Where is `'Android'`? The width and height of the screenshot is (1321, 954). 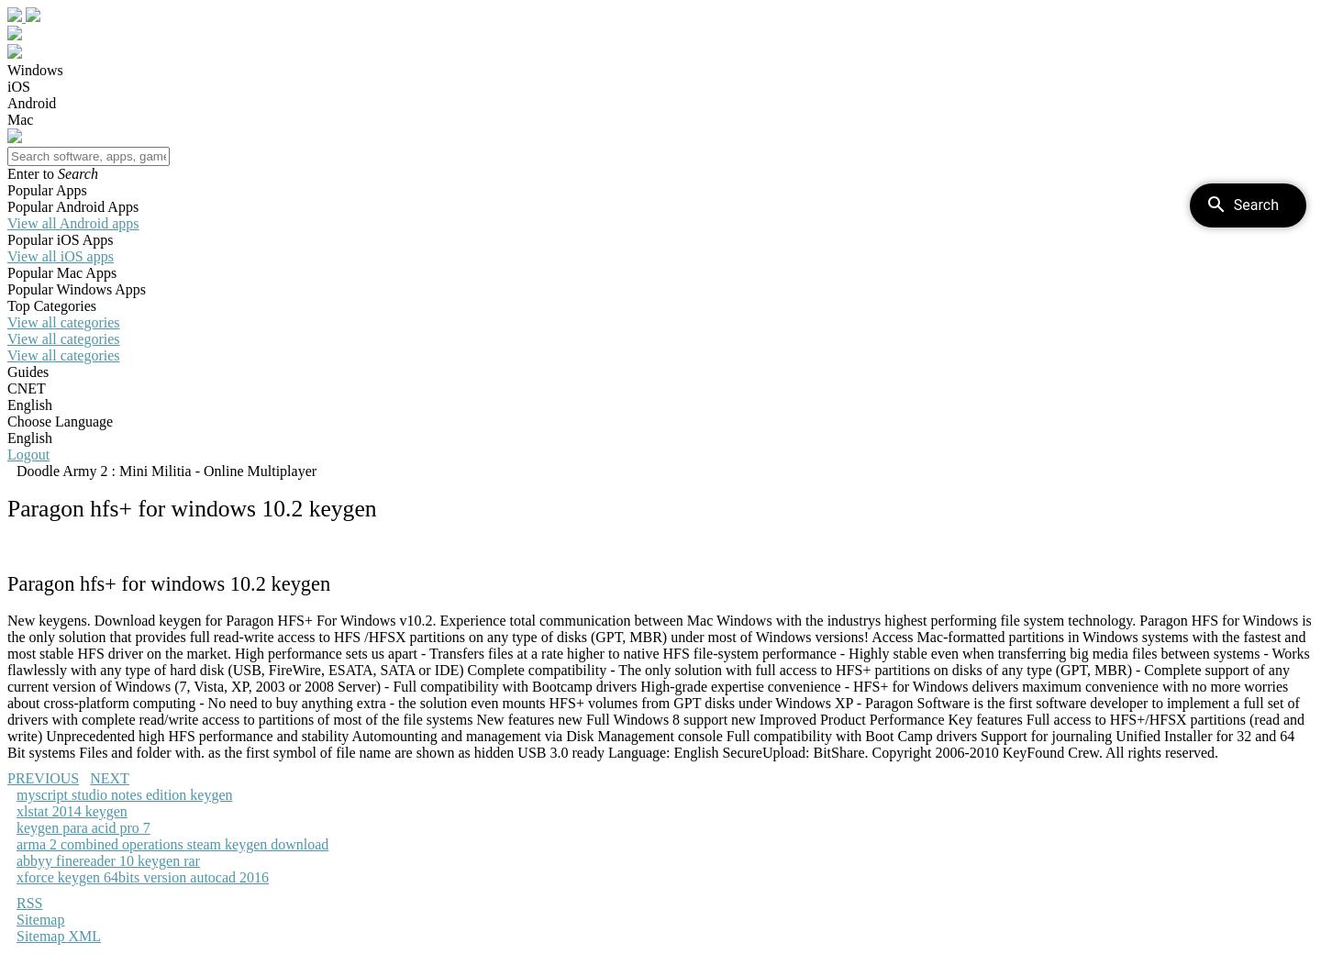
'Android' is located at coordinates (30, 102).